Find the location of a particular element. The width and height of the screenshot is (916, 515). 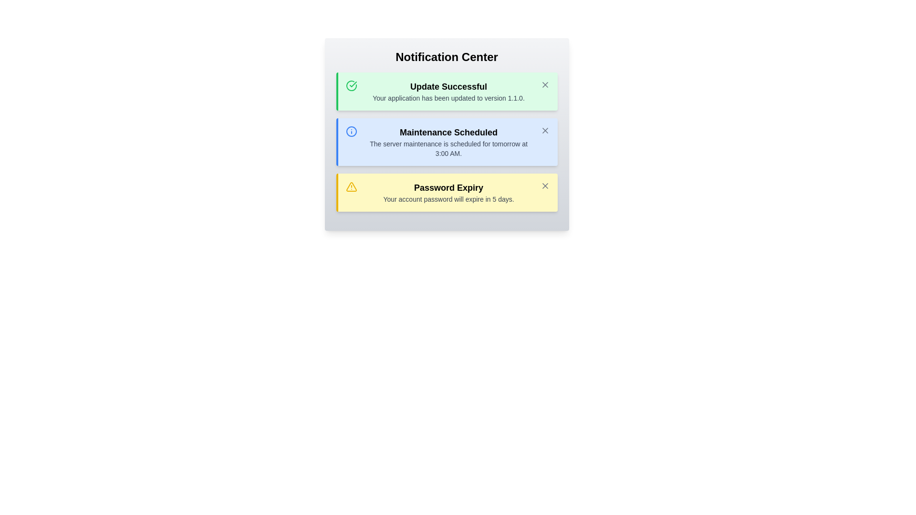

the visual warning indicator icon for the 'Password Expiry' notification located to the left of the dismiss button in the notification center is located at coordinates (351, 187).